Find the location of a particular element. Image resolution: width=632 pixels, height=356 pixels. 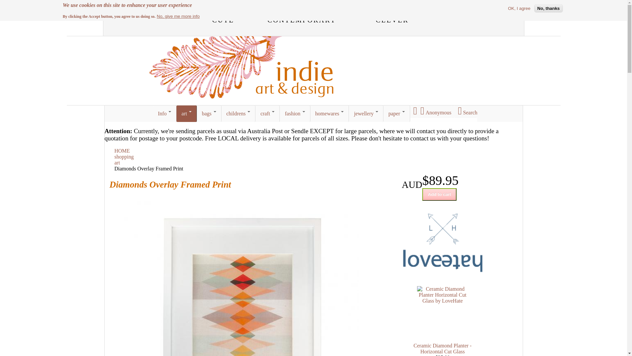

'No, give me more info' is located at coordinates (178, 16).